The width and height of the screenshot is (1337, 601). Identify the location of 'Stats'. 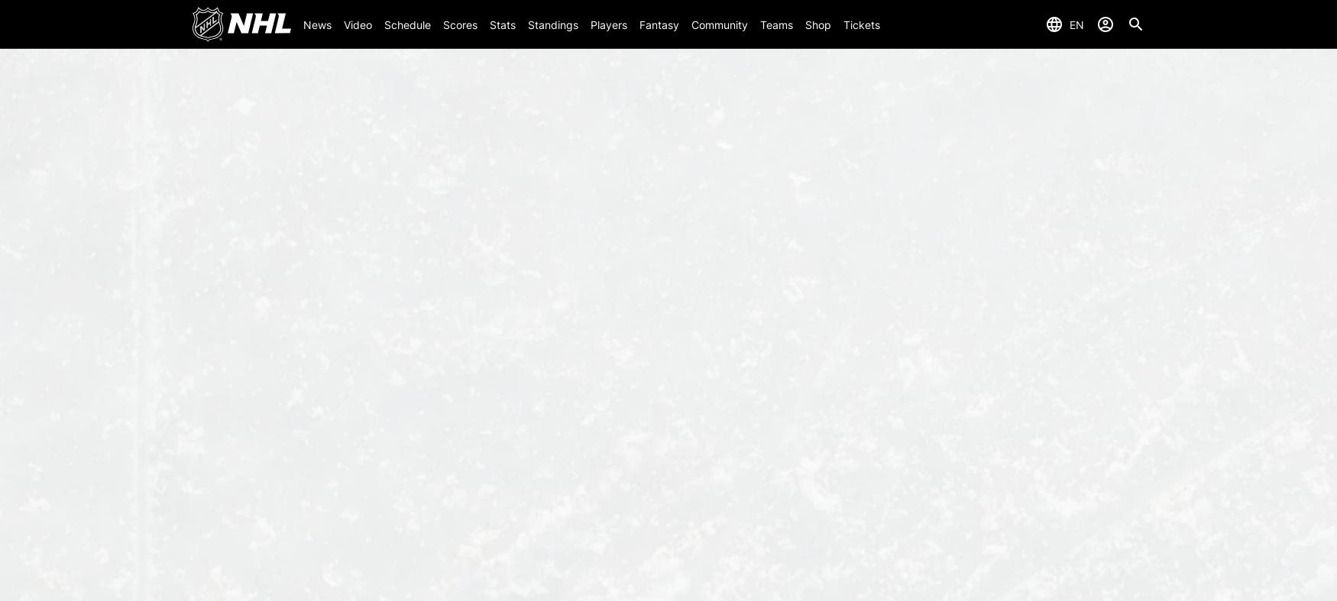
(500, 23).